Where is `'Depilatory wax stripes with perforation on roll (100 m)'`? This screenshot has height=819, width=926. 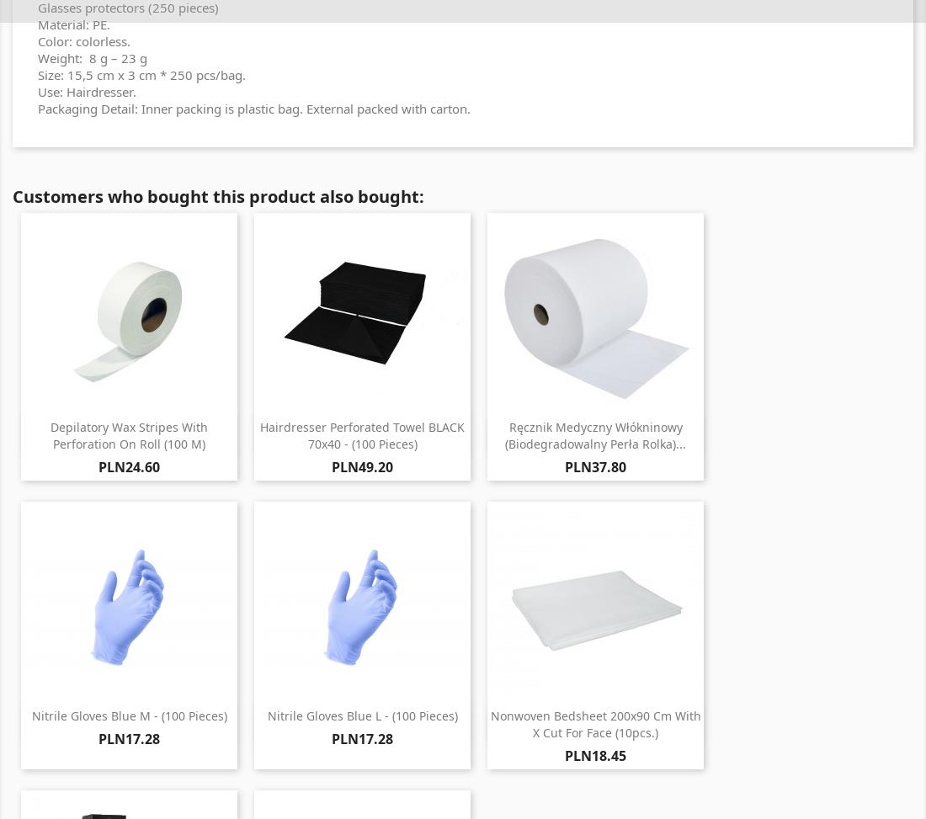
'Depilatory wax stripes with perforation on roll (100 m)' is located at coordinates (128, 433).